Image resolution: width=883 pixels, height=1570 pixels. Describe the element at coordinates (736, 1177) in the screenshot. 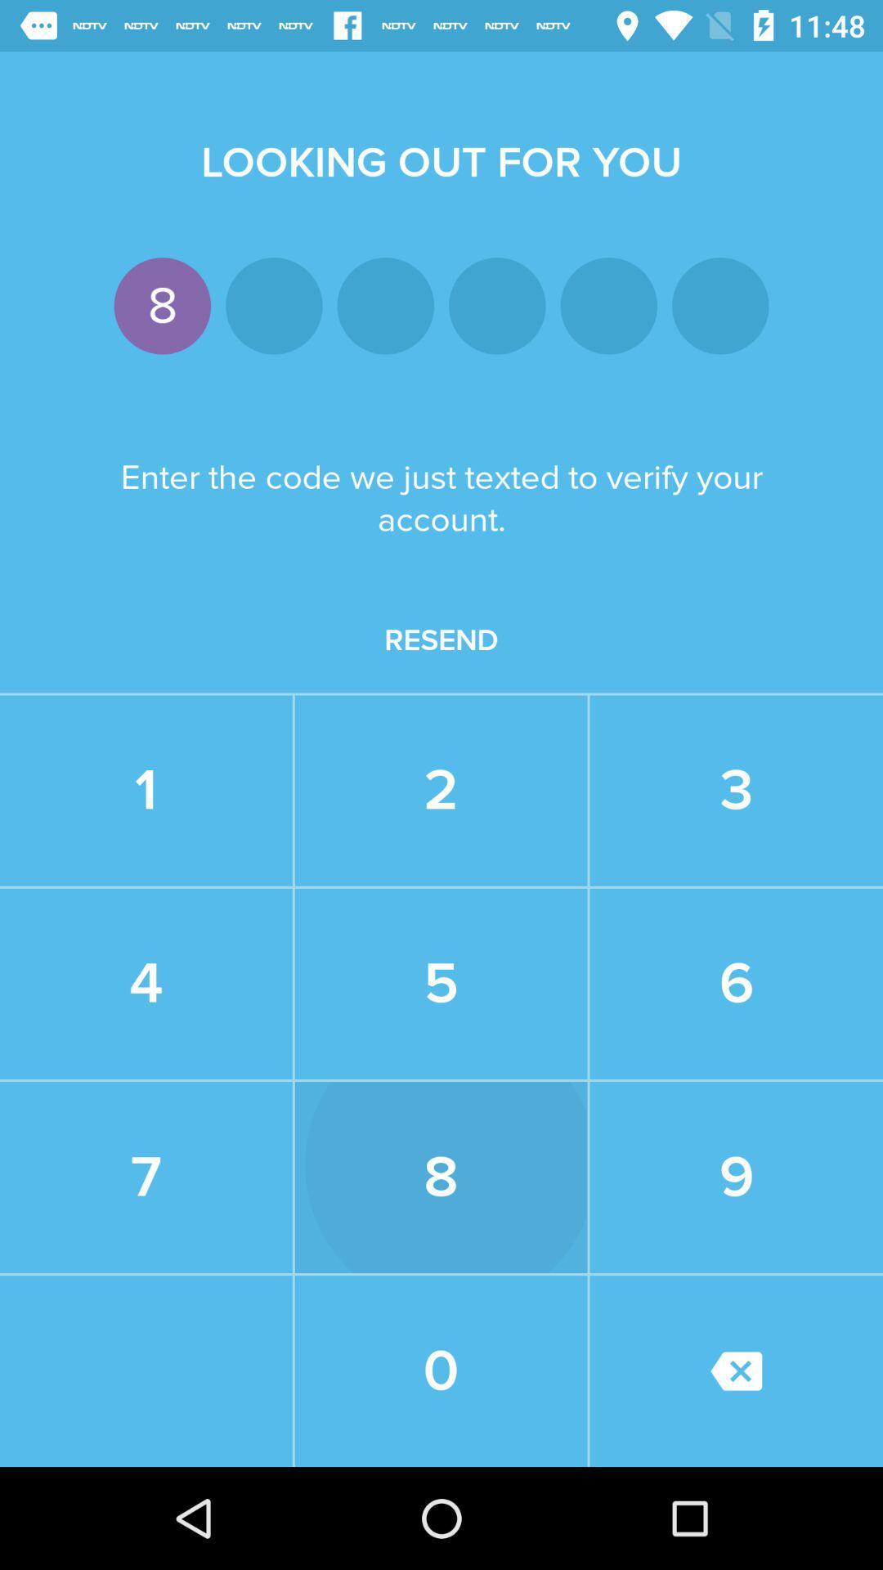

I see `the 9` at that location.